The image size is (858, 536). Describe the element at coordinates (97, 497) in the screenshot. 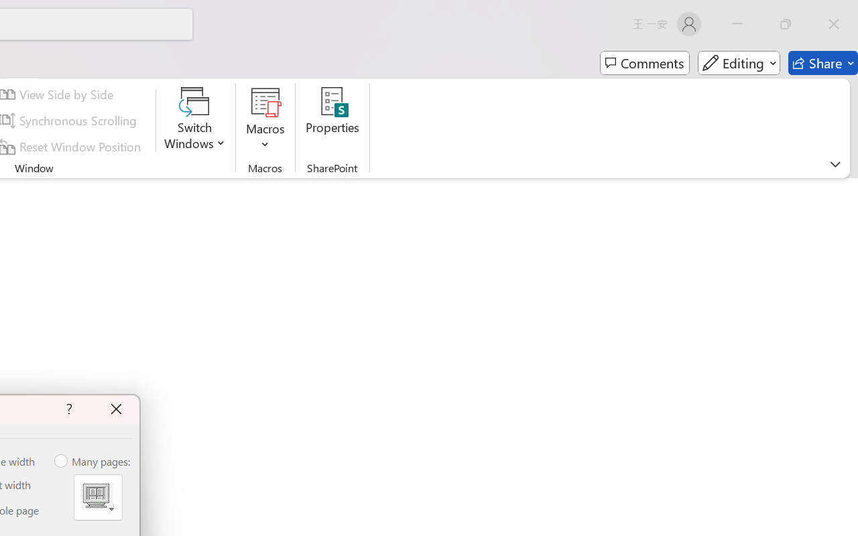

I see `'MSO Generic Control Container'` at that location.